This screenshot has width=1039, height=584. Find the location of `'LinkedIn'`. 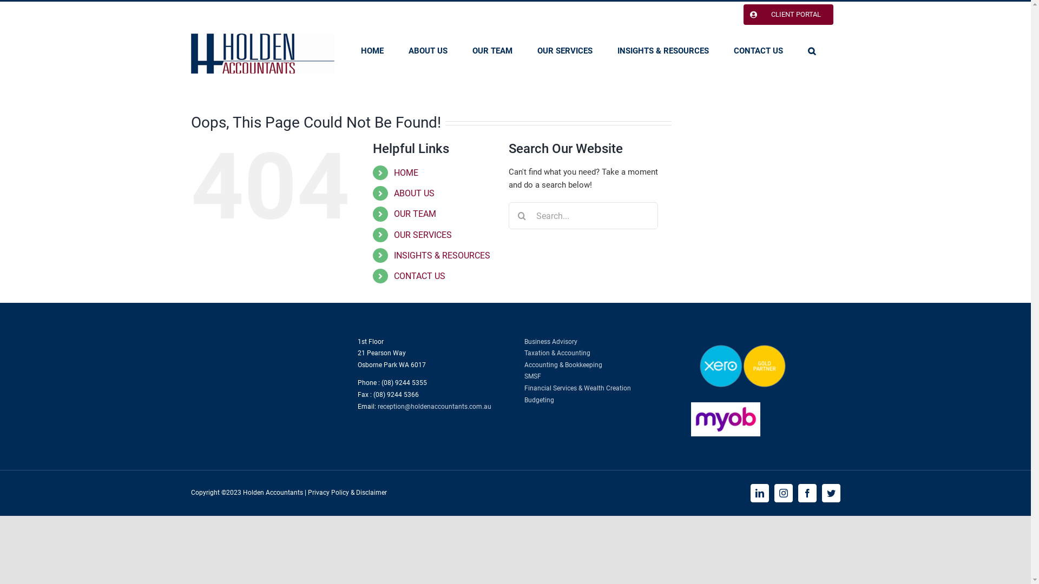

'LinkedIn' is located at coordinates (758, 493).